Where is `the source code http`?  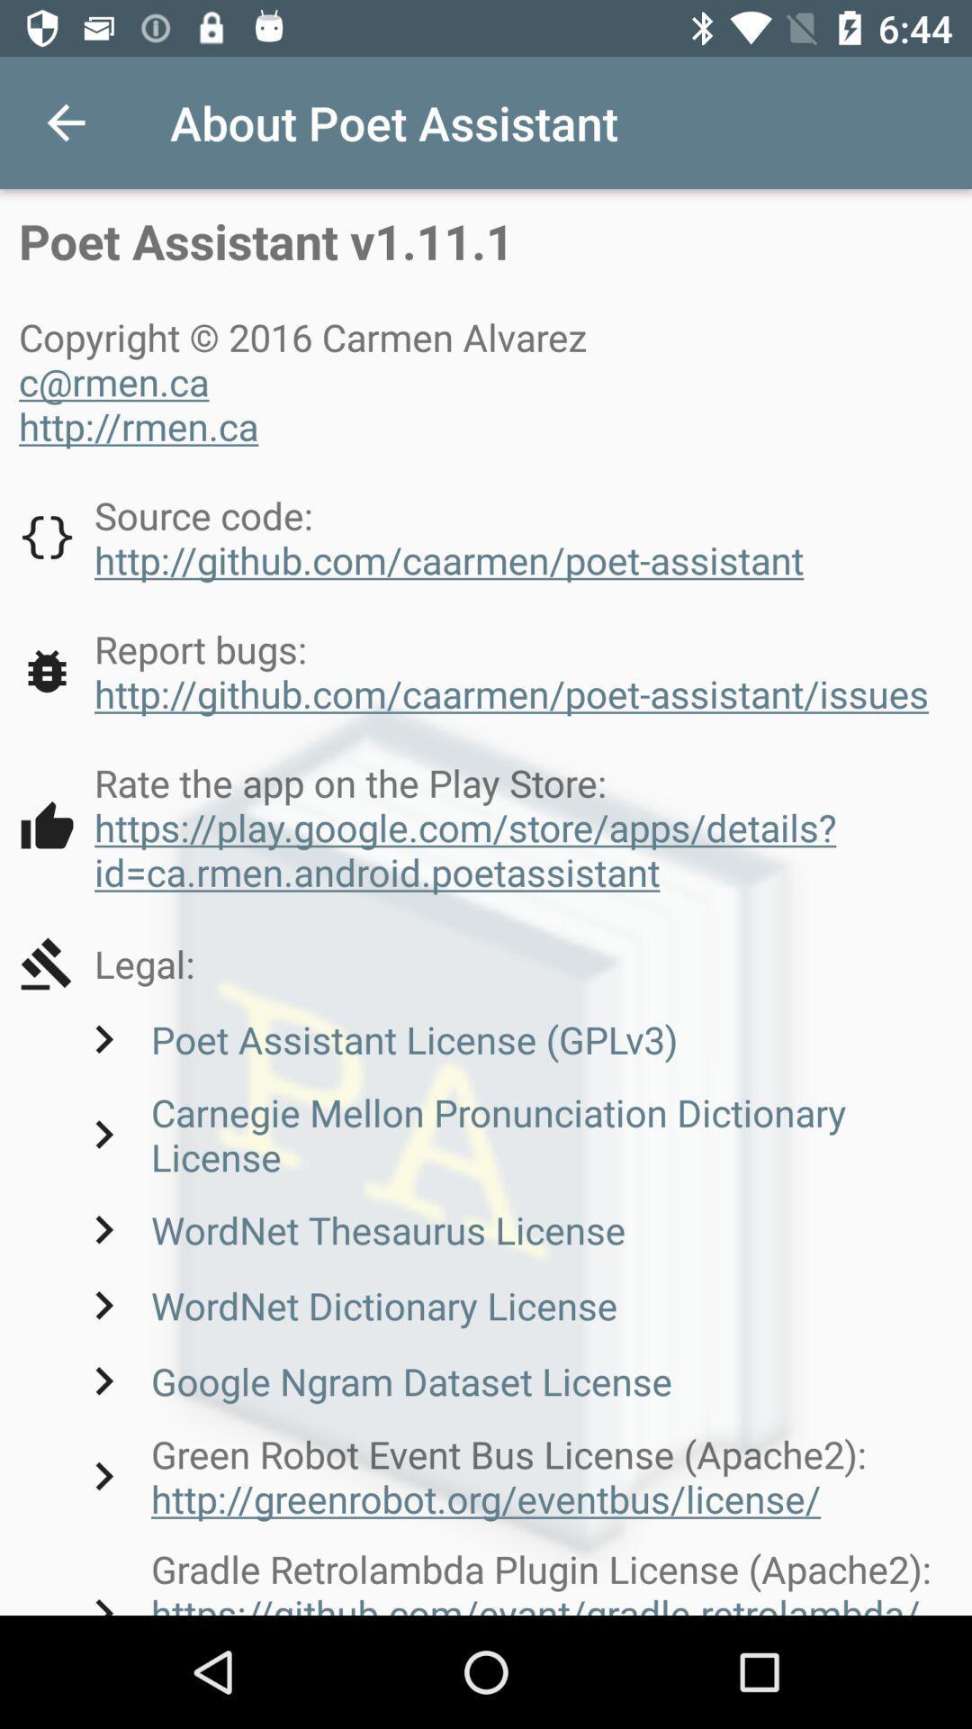 the source code http is located at coordinates (411, 536).